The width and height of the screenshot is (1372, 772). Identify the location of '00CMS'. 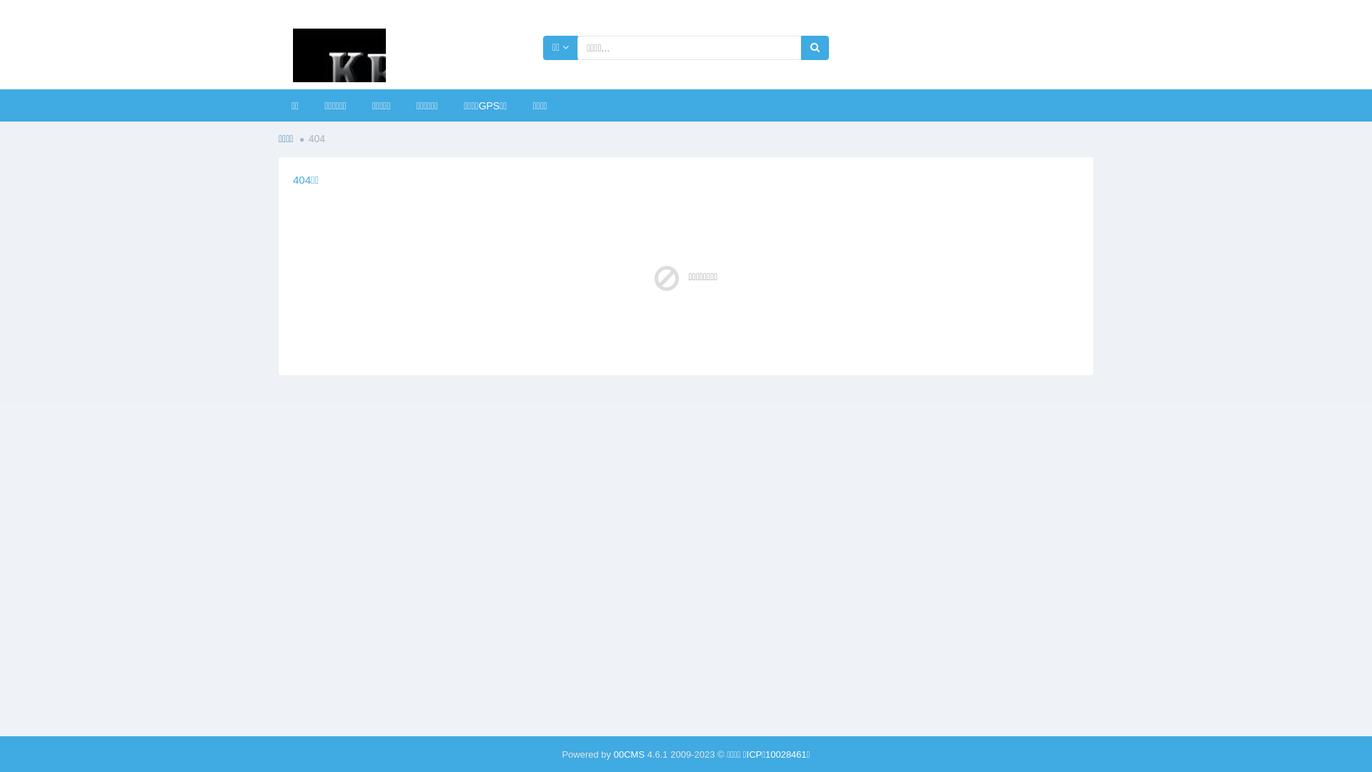
(629, 753).